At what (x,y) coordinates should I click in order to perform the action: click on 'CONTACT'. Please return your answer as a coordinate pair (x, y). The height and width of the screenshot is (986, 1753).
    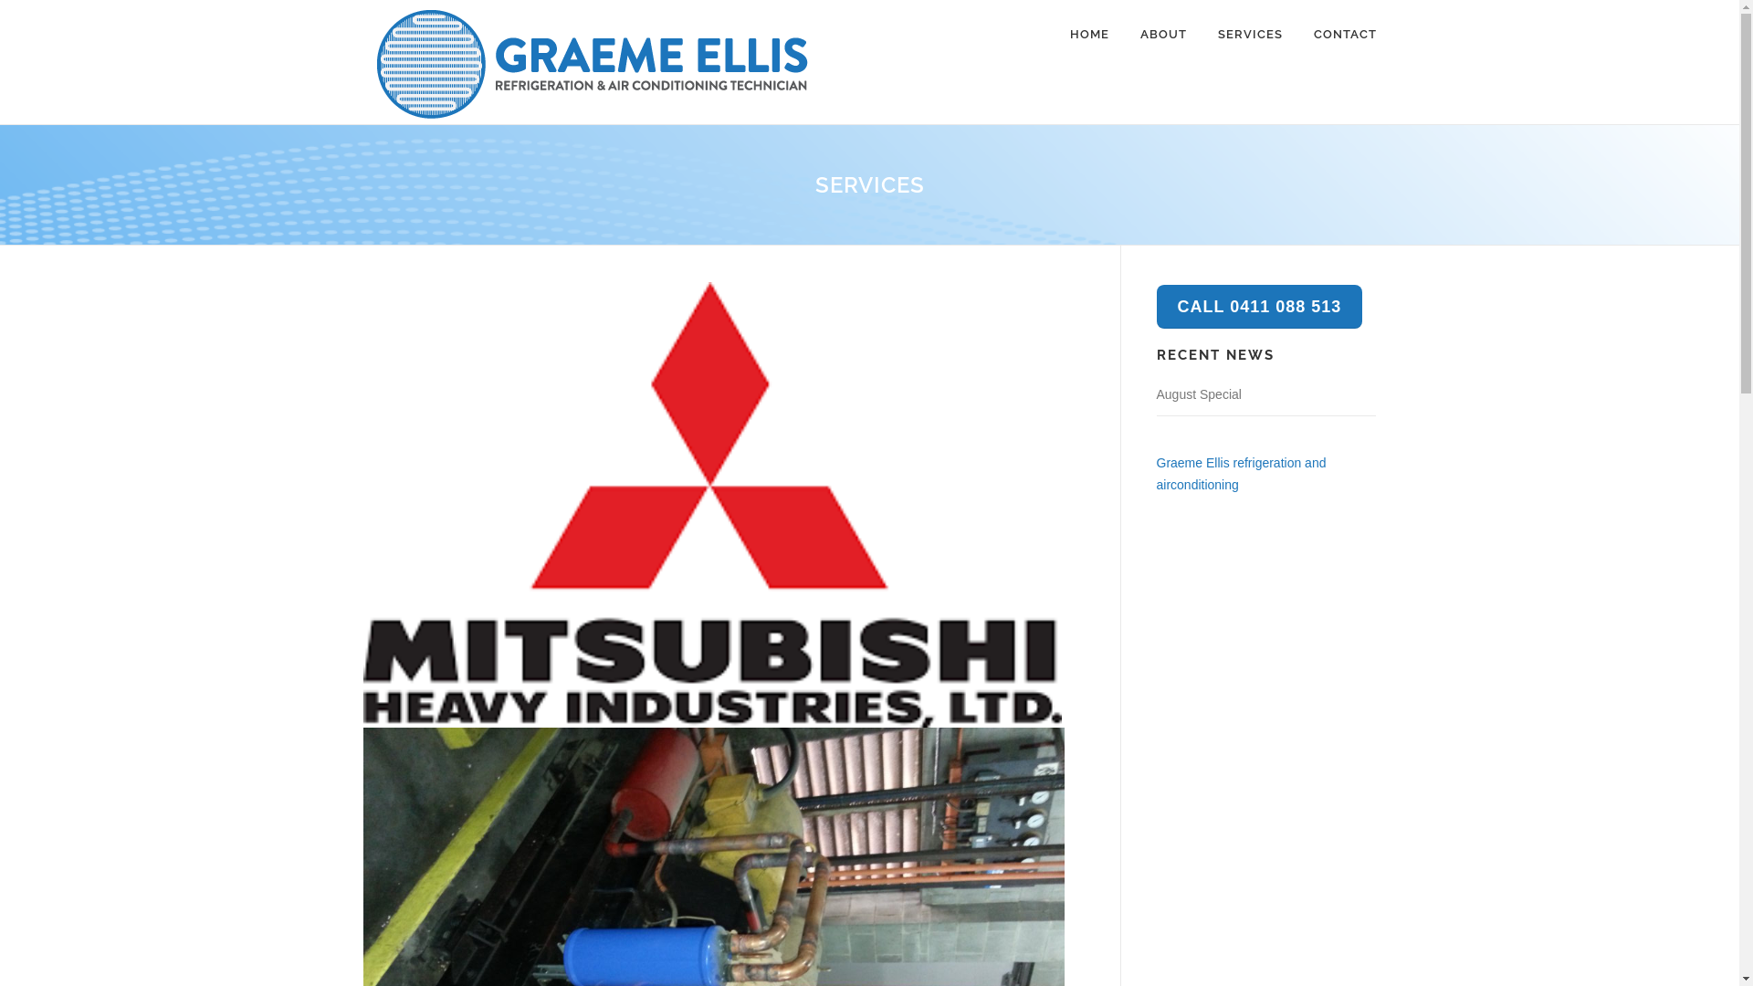
    Looking at the image, I should click on (1337, 34).